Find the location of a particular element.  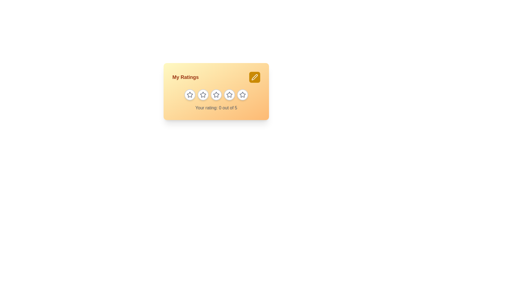

one of the interactive star icons in the 'My Ratings' section of the Interactive rating widget is located at coordinates (216, 91).